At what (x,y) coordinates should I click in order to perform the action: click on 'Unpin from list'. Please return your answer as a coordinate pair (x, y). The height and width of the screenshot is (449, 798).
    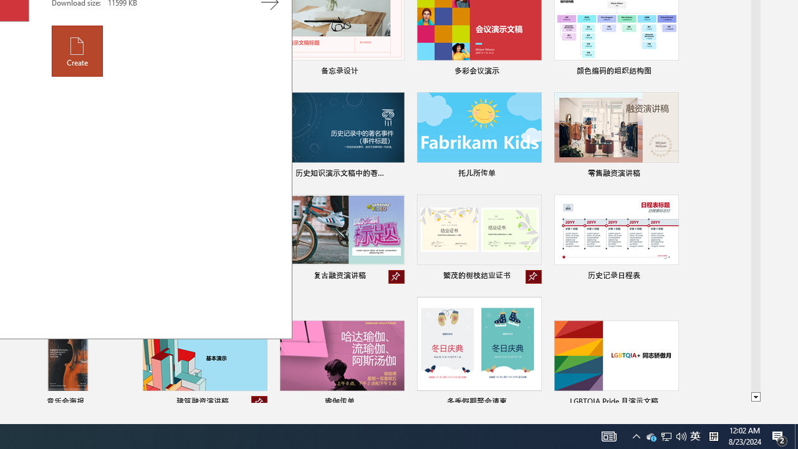
    Looking at the image, I should click on (259, 402).